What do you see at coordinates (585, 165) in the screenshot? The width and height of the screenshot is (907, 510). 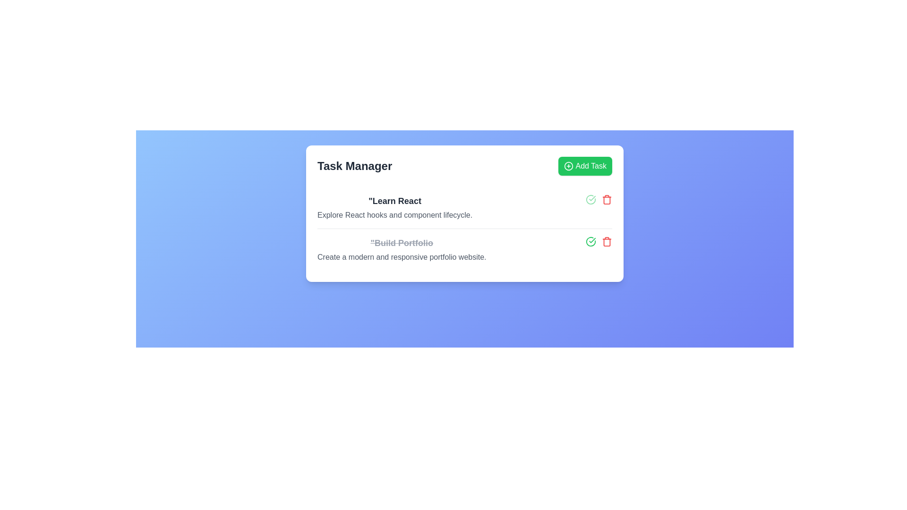 I see `the 'Add Task' button with a bright green background and white text to observe its hover effect` at bounding box center [585, 165].